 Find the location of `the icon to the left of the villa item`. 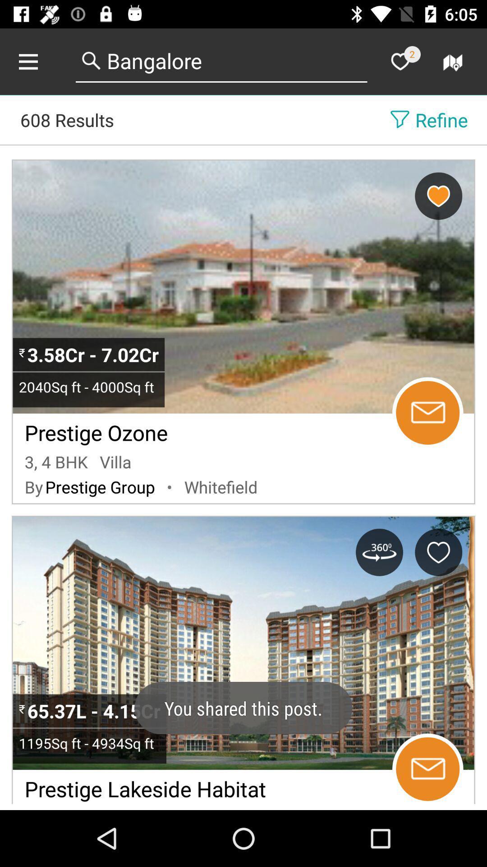

the icon to the left of the villa item is located at coordinates (56, 461).